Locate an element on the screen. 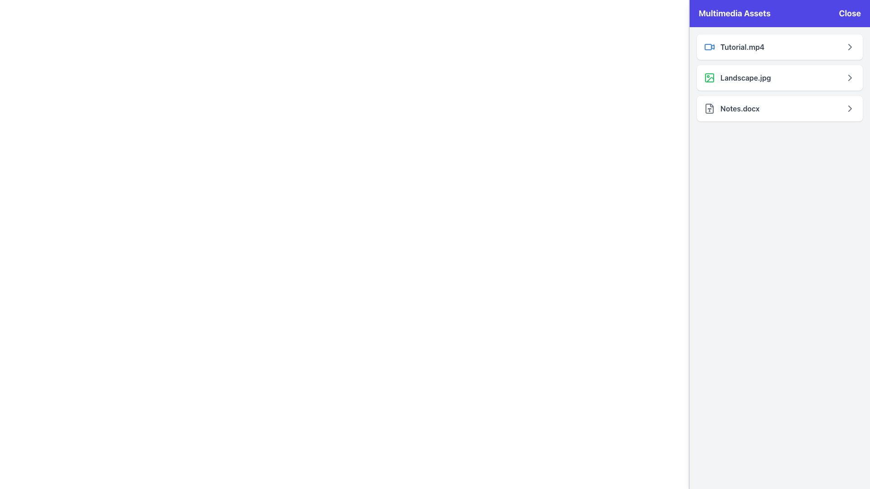 Image resolution: width=870 pixels, height=489 pixels. the video camera icon located next to the text 'Tutorial.mp4' in the 'Multimedia Assets' list is located at coordinates (708, 47).